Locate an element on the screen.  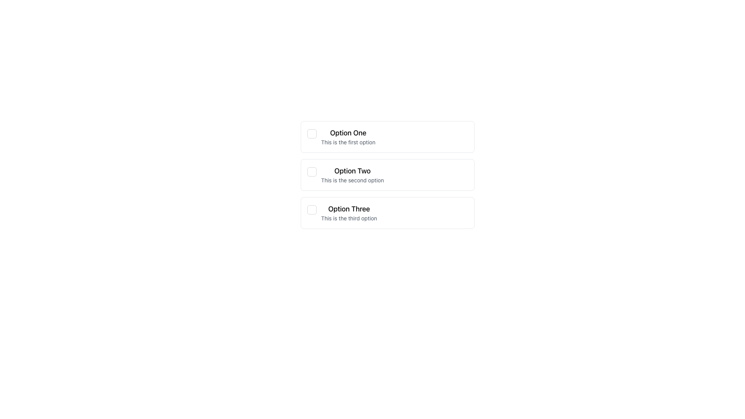
the second option item in the vertically stacked list, which is located below 'Option One' and above 'Option Three' is located at coordinates (352, 175).